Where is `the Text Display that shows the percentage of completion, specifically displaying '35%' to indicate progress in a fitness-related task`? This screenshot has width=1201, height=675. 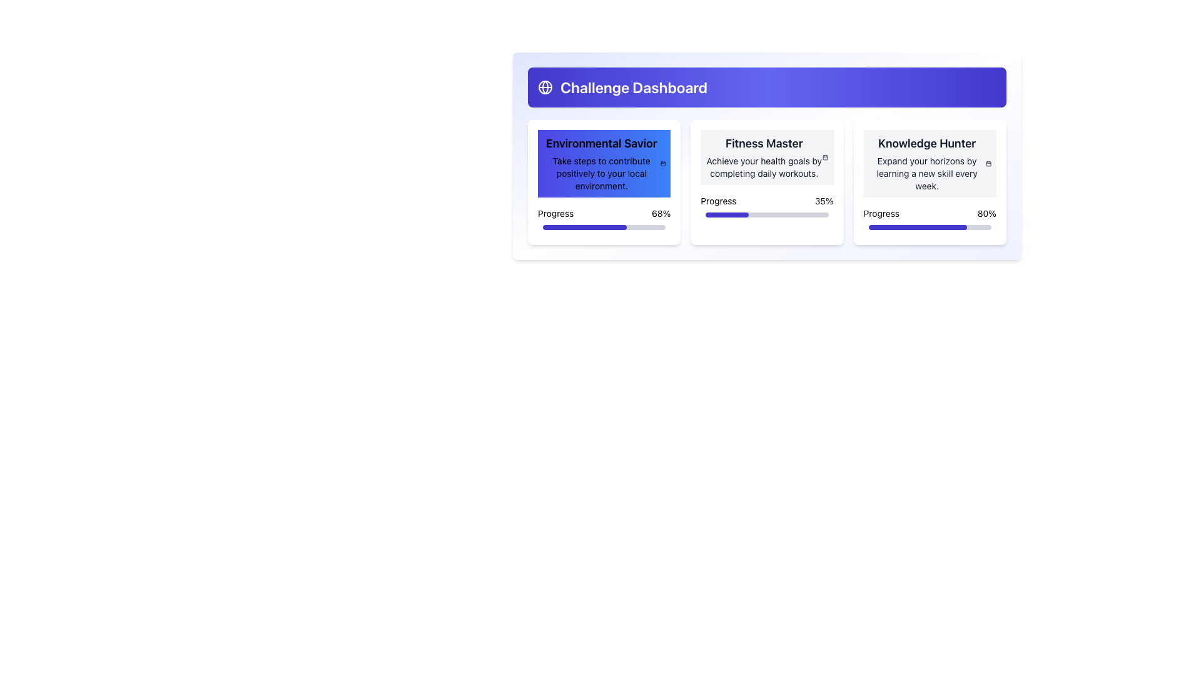 the Text Display that shows the percentage of completion, specifically displaying '35%' to indicate progress in a fitness-related task is located at coordinates (824, 200).